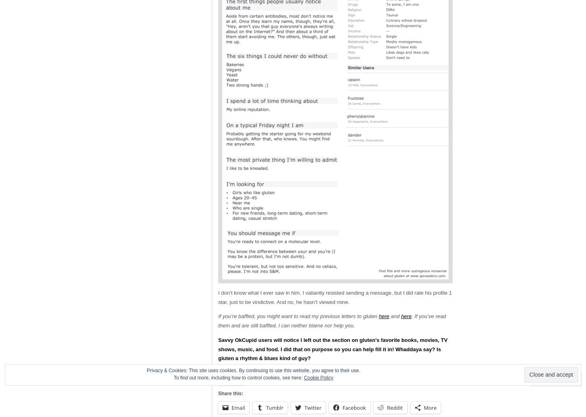  I want to click on 'Cookie Policy', so click(318, 377).